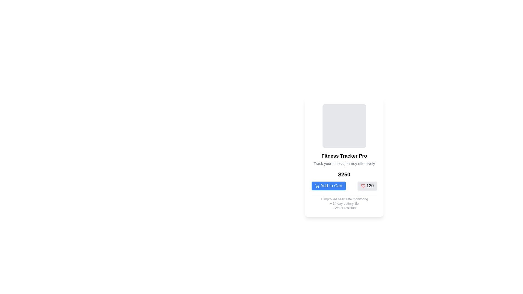 This screenshot has width=523, height=294. What do you see at coordinates (344, 174) in the screenshot?
I see `the text label displaying the price '$250', which is centrally aligned below the subtitle 'Track your fitness journey effectively' and above the 'Add to Cart' button` at bounding box center [344, 174].